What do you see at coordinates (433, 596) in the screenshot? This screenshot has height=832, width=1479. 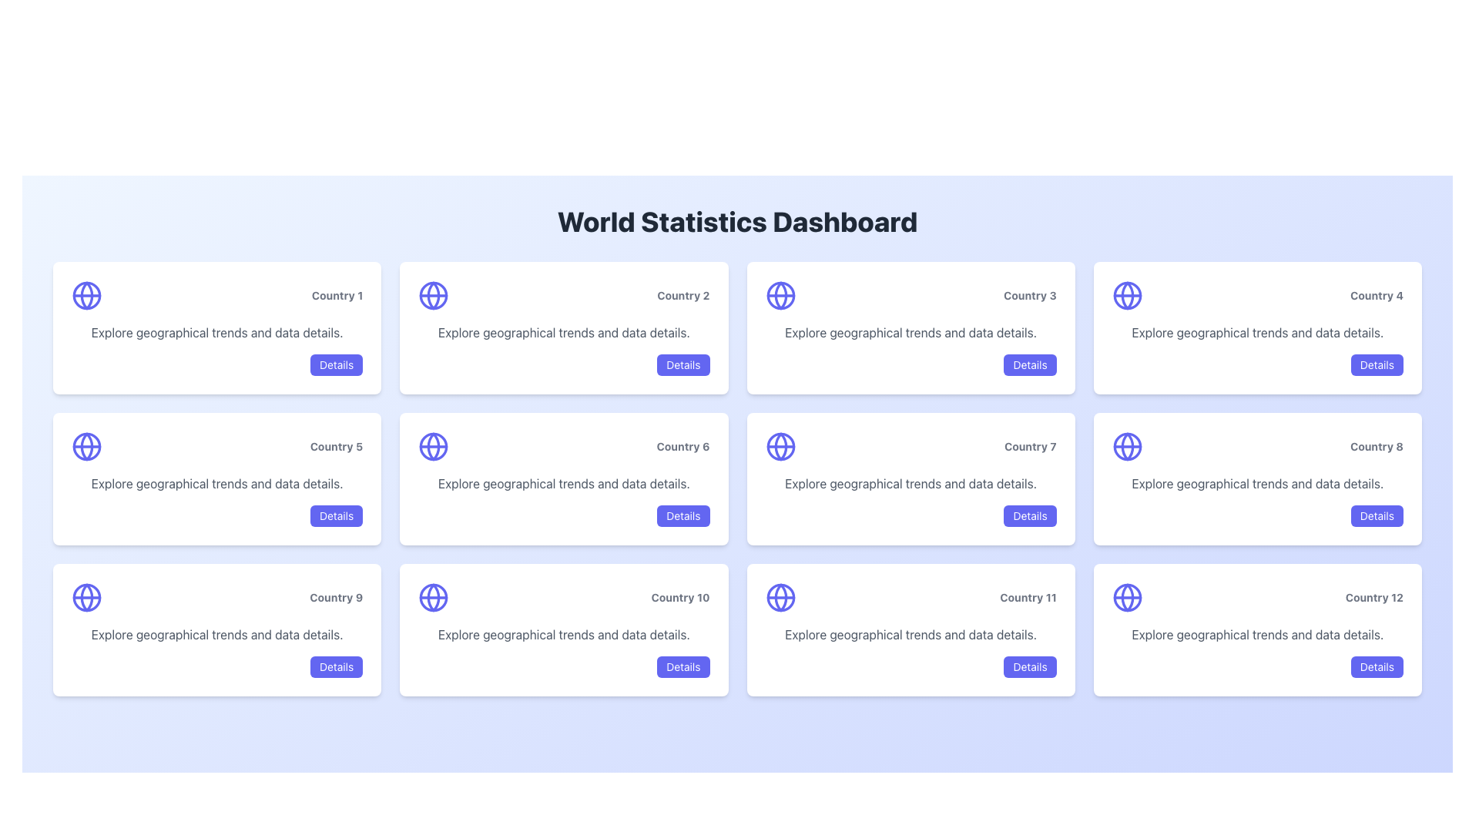 I see `the SVG Circle that visually represents the inner boundary of the globe icon within the card labeled 'Country 10' located in the bottom-middle row of the dashboard` at bounding box center [433, 596].